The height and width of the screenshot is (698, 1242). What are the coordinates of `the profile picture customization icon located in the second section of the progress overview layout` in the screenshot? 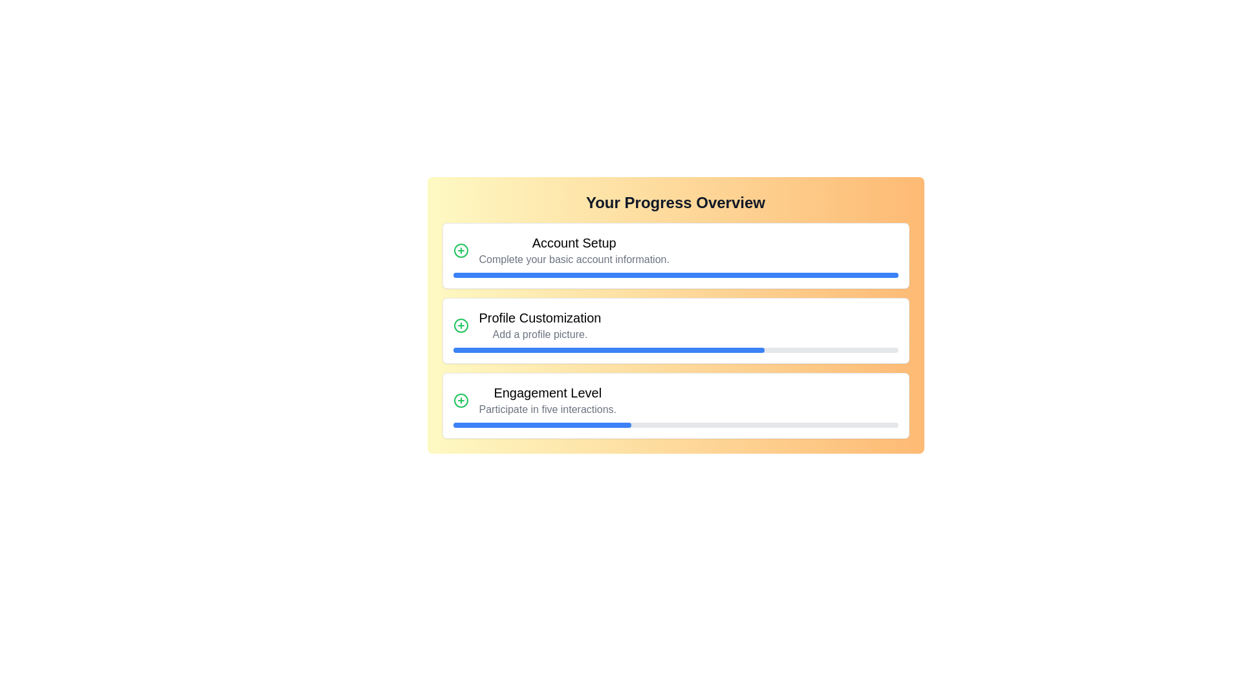 It's located at (461, 325).